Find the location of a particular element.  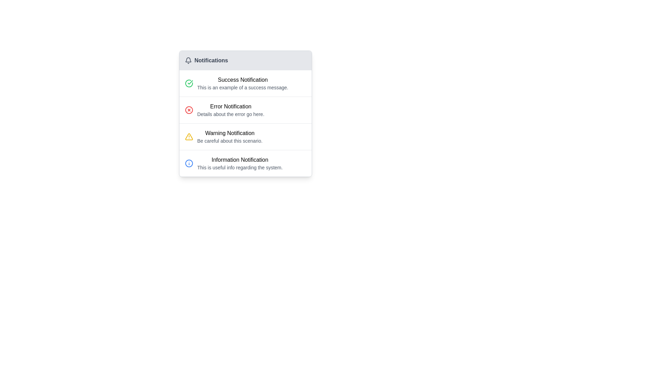

the Warning Notification which includes the title 'Warning Notification' and the message 'Be careful about this scenario.' is located at coordinates (245, 137).